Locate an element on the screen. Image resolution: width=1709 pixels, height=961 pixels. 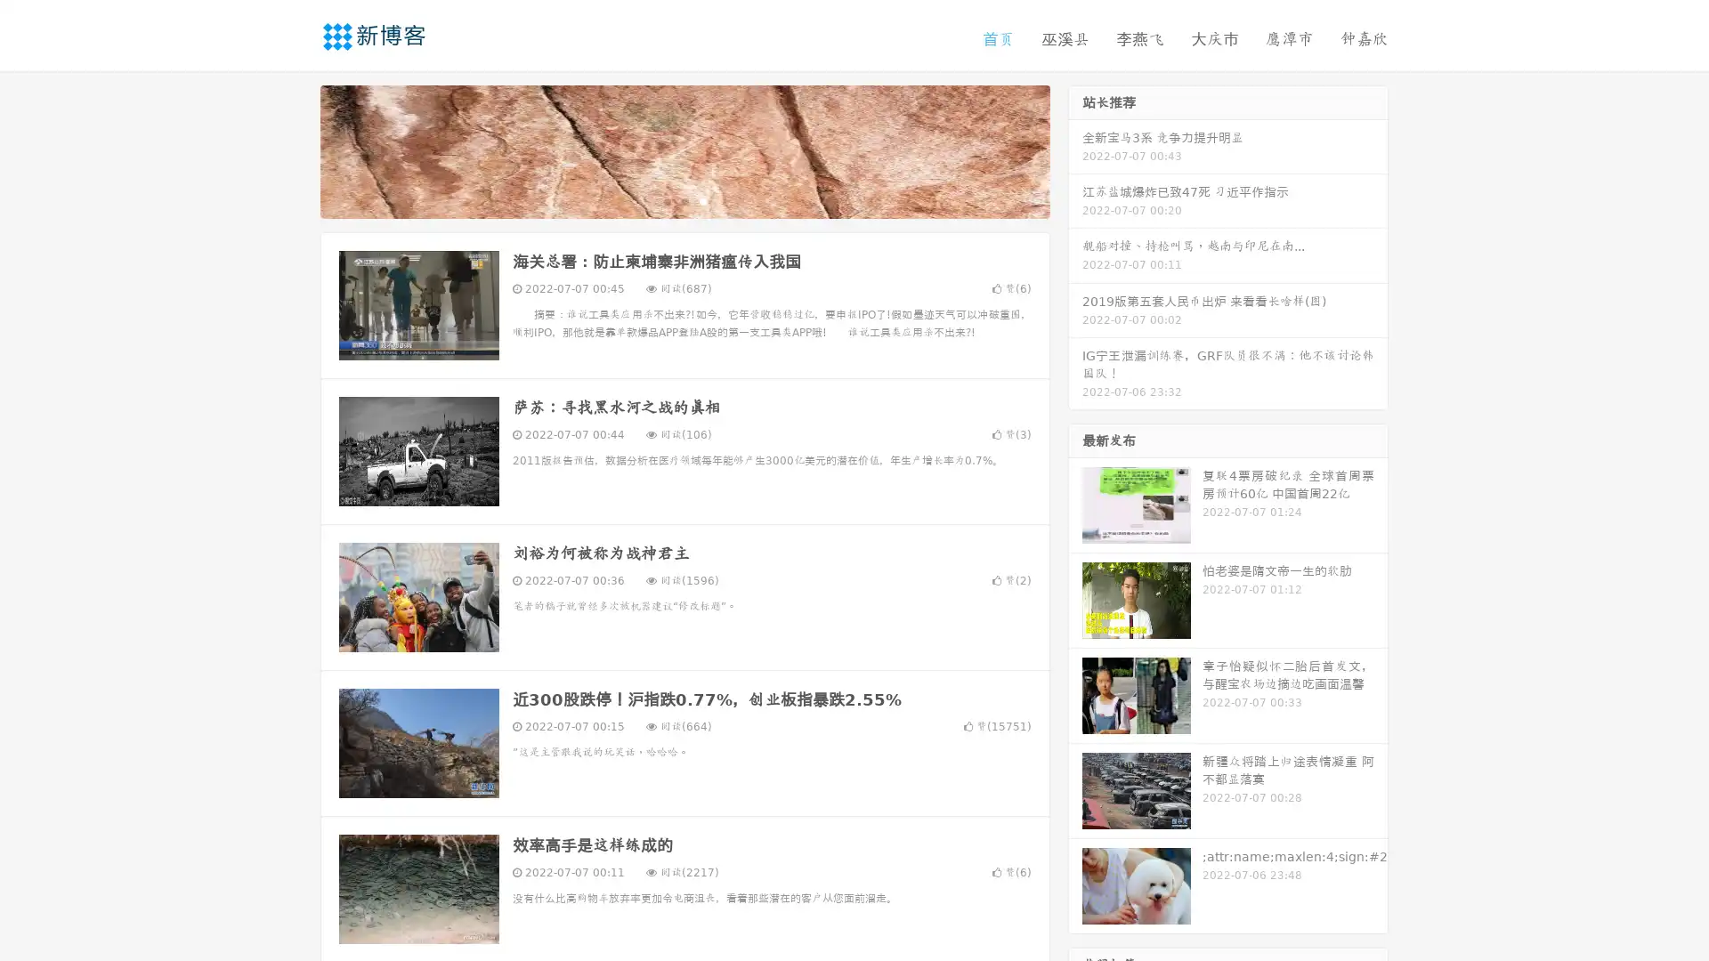
Go to slide 3 is located at coordinates (702, 200).